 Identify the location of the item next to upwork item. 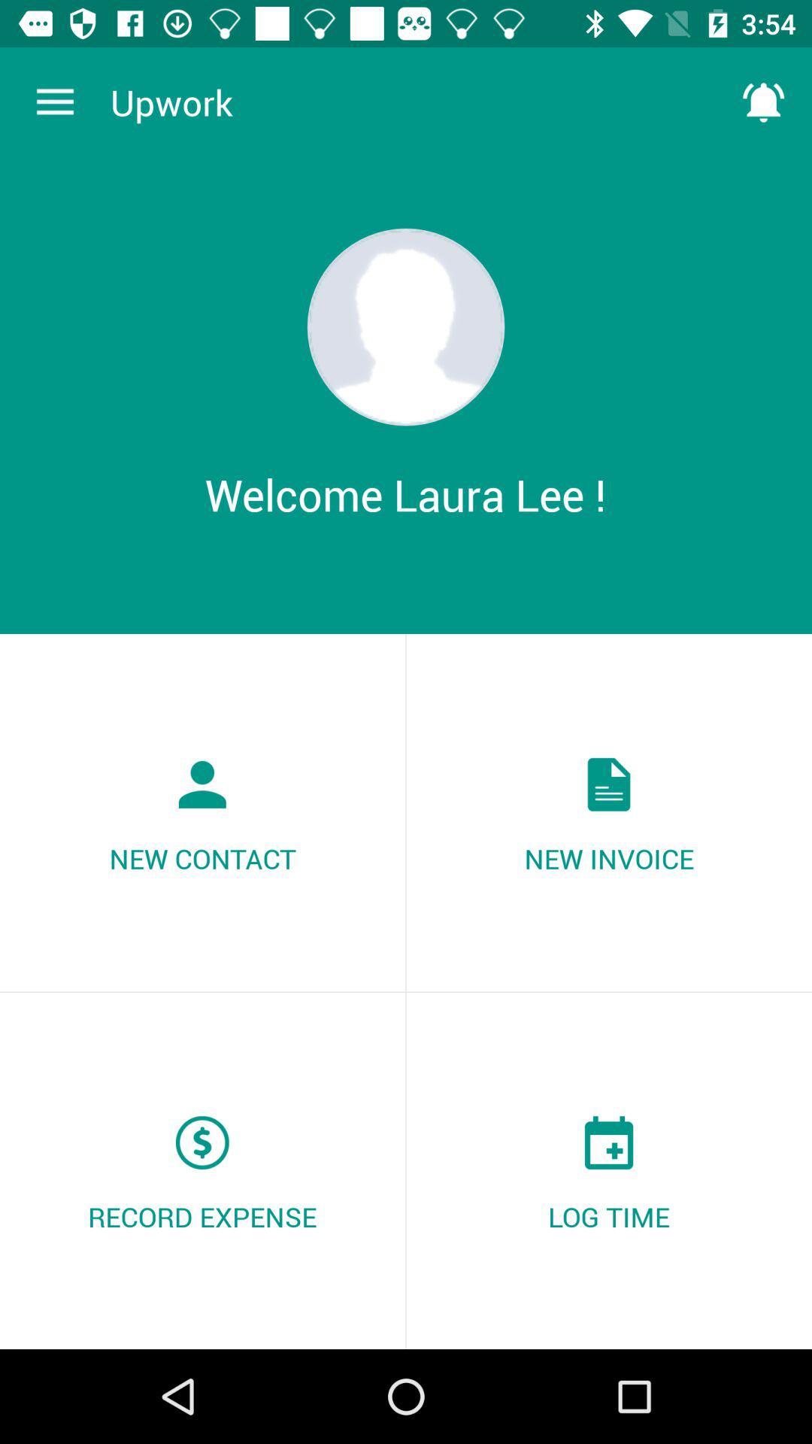
(54, 102).